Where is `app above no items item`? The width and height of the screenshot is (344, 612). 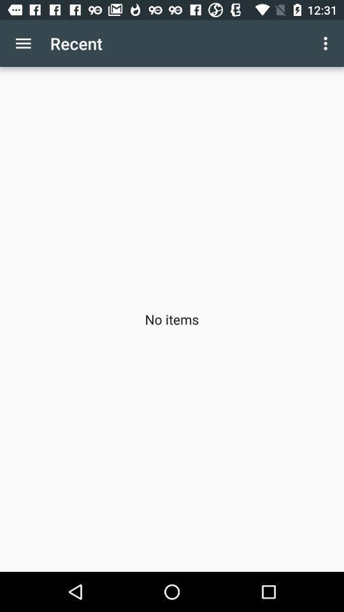 app above no items item is located at coordinates (23, 43).